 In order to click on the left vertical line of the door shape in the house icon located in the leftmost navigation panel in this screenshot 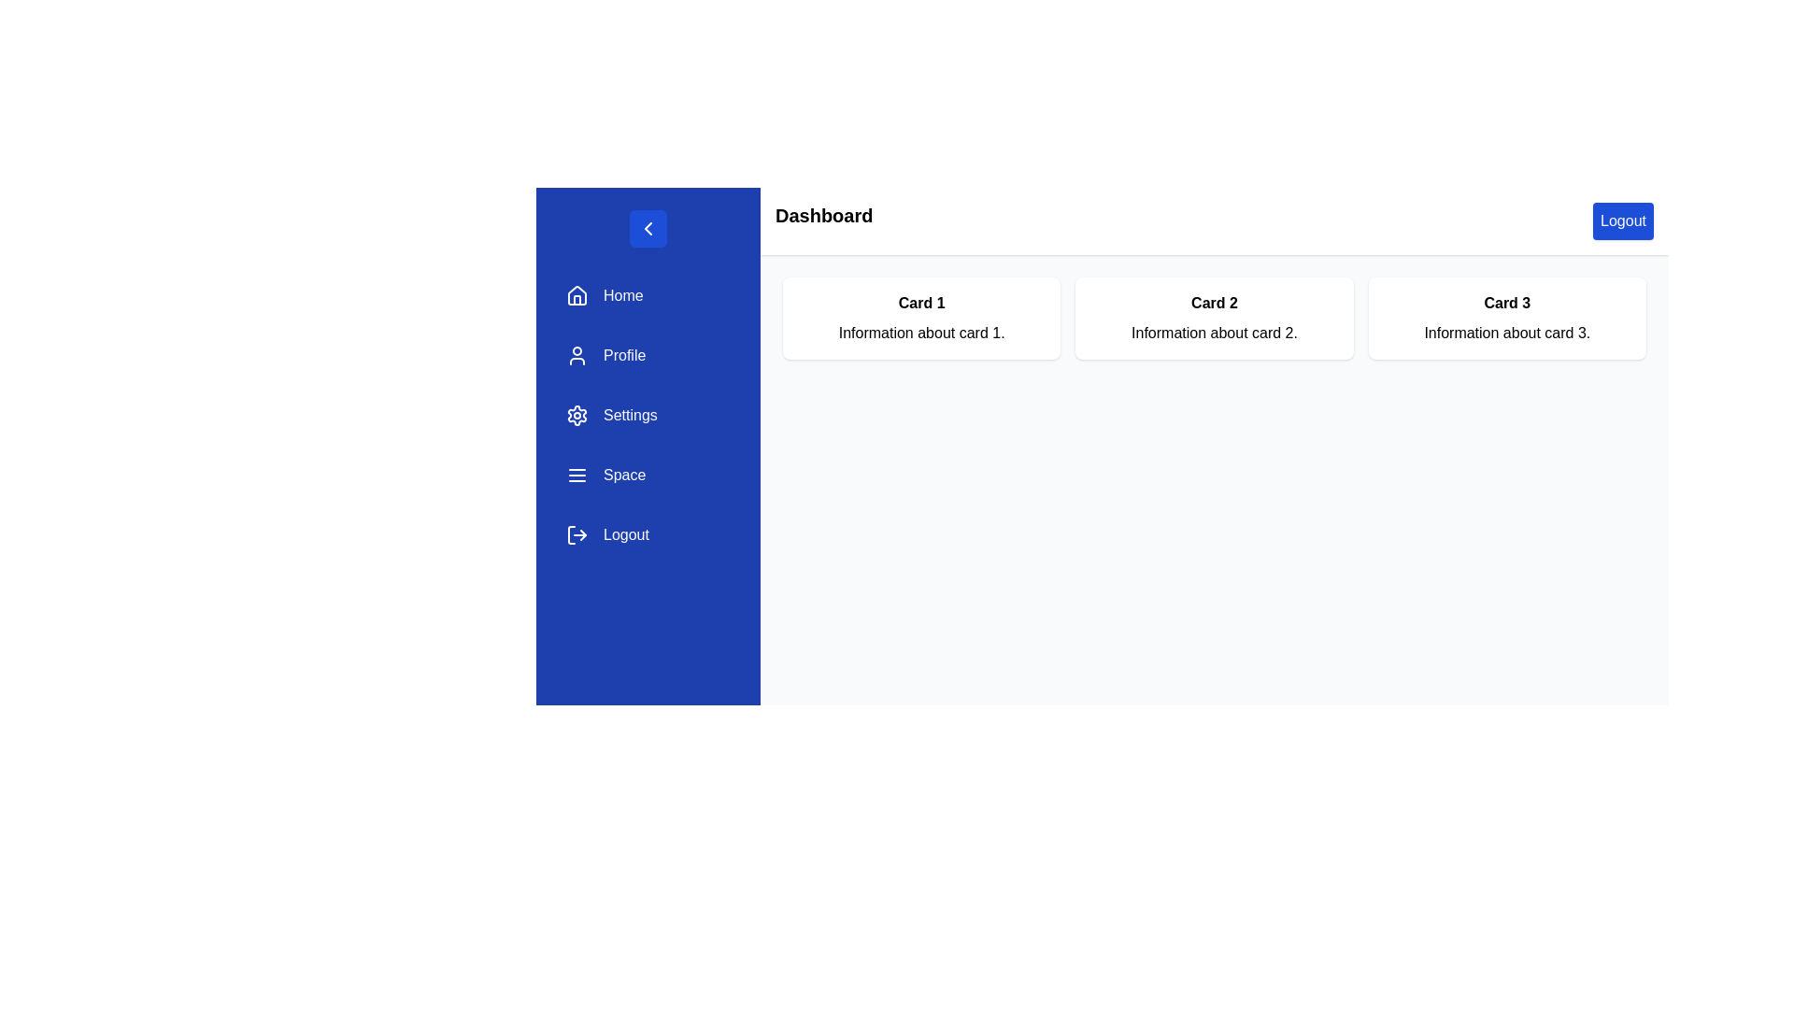, I will do `click(577, 299)`.